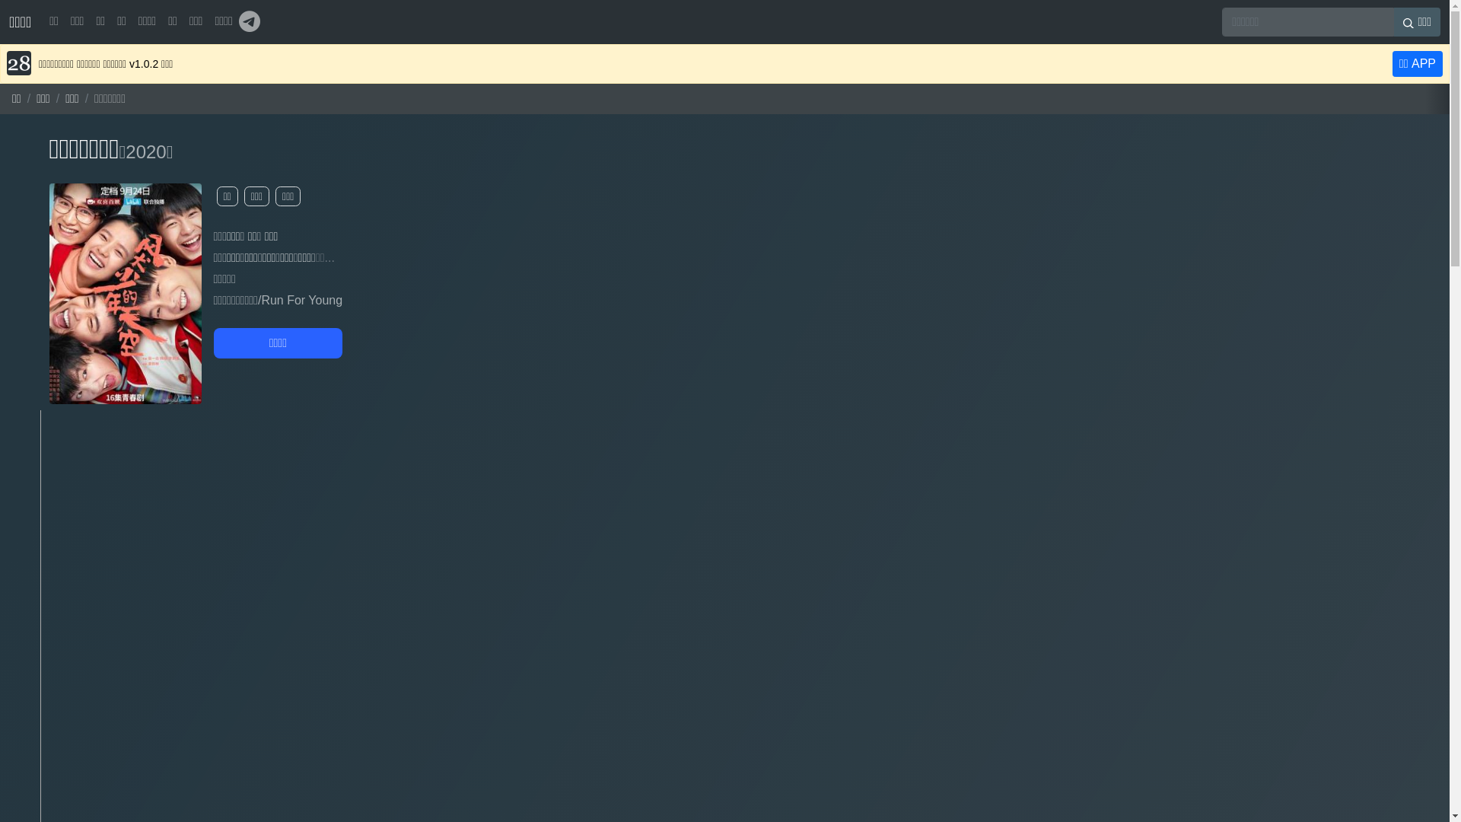  Describe the element at coordinates (145, 151) in the screenshot. I see `'2020'` at that location.